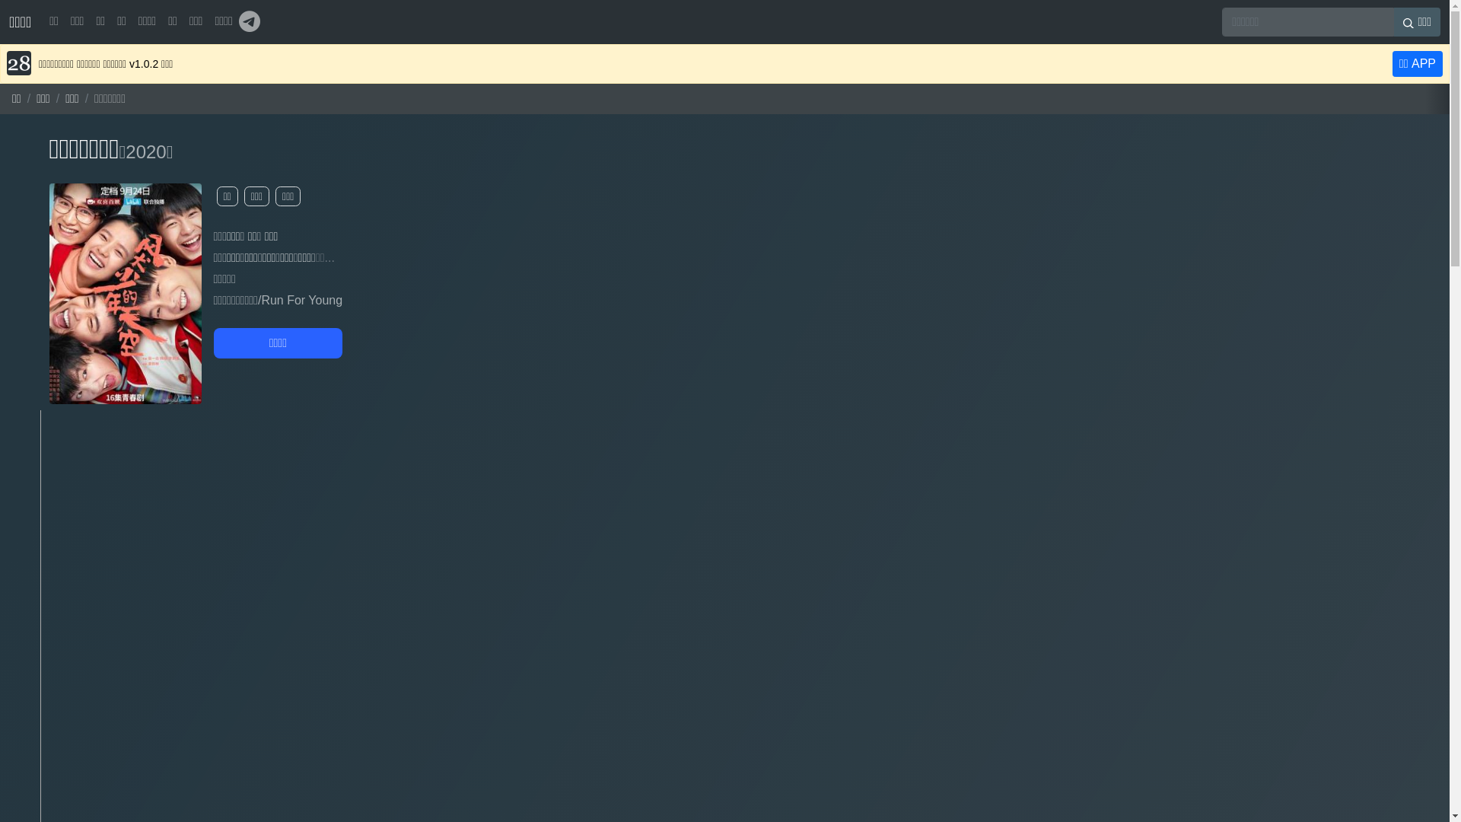  Describe the element at coordinates (145, 151) in the screenshot. I see `'2020'` at that location.